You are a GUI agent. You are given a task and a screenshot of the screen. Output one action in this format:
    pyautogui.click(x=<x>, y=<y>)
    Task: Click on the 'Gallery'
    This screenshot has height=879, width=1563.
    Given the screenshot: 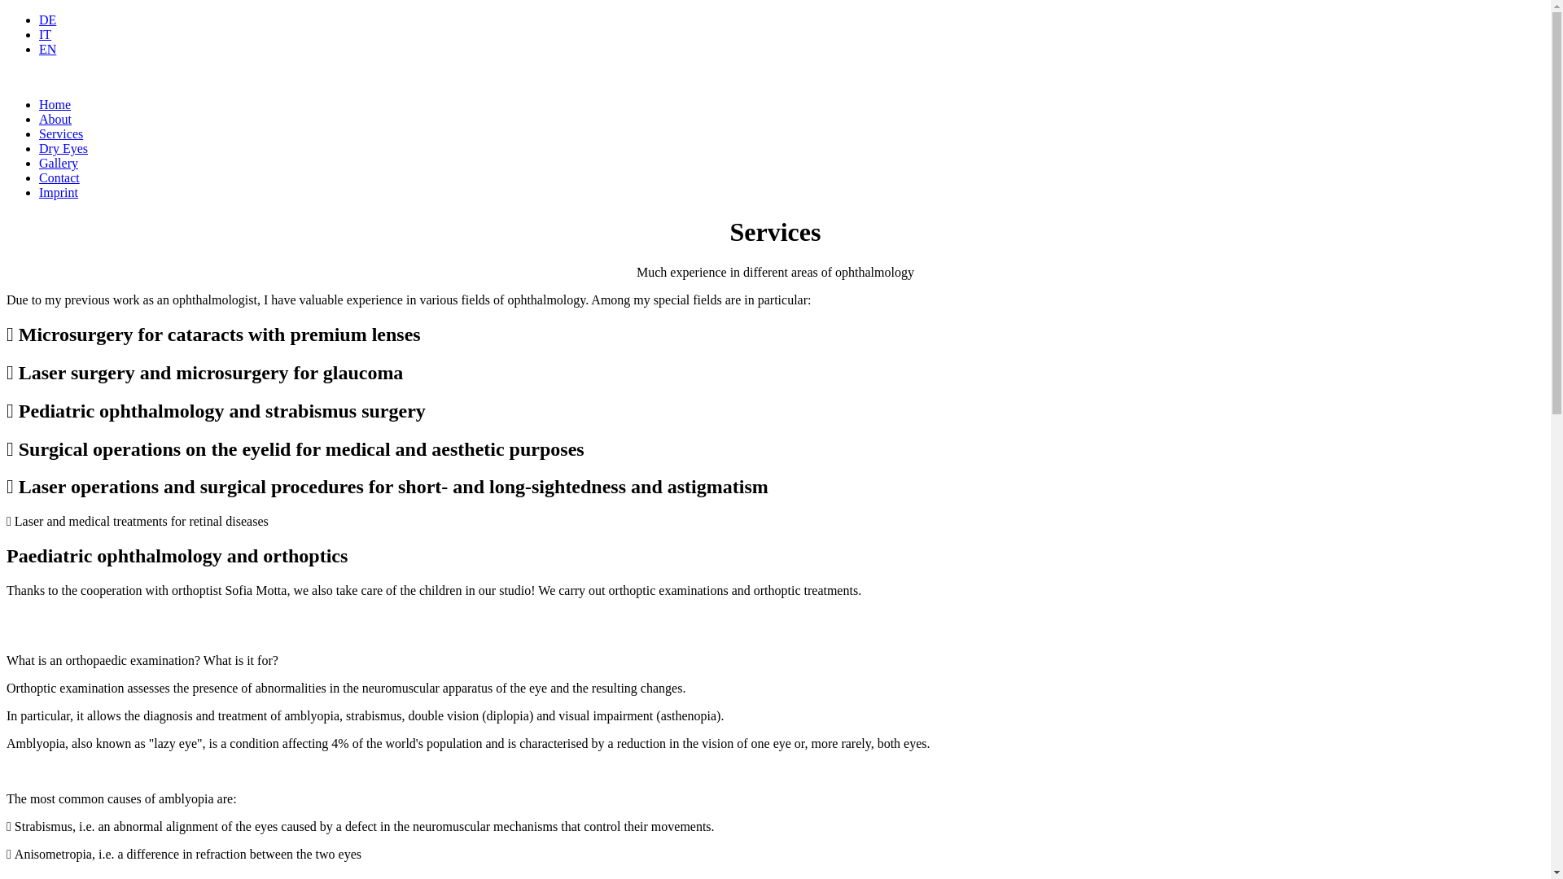 What is the action you would take?
    pyautogui.click(x=39, y=163)
    